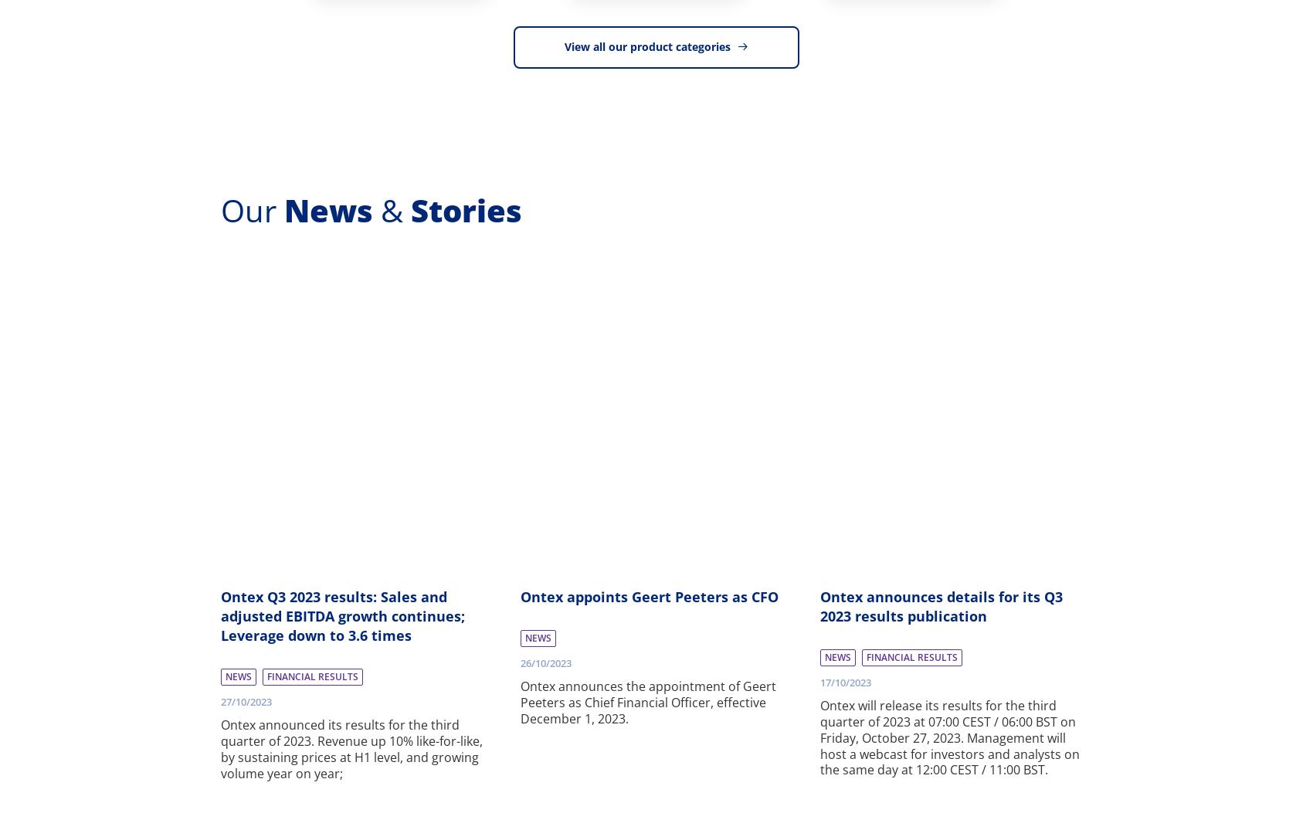 This screenshot has width=1313, height=813. What do you see at coordinates (948, 737) in the screenshot?
I see `'Ontex will release its results for the third quarter of 2023 at 07:00 CEST / 06:00 BST on Friday, October 27, 2023. Management will host a webcast for investors and analysts on the same day at 12:00 CEST / 11:00 BST.'` at bounding box center [948, 737].